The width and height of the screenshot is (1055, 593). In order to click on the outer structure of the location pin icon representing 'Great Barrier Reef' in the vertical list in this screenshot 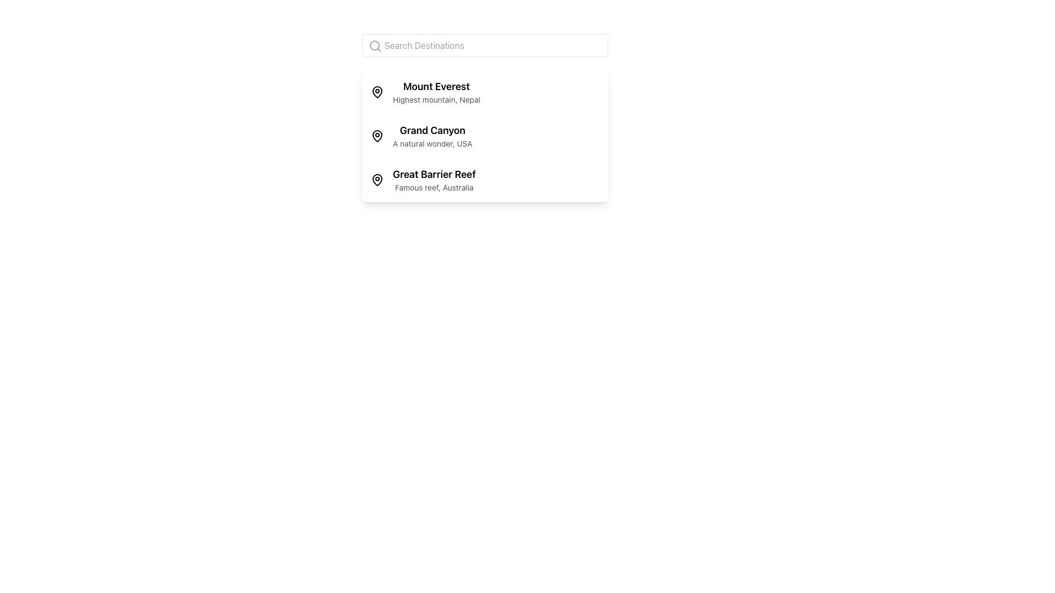, I will do `click(377, 179)`.